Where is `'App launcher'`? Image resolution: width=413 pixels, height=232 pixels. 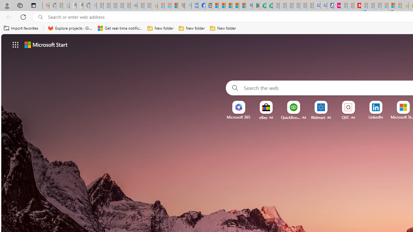
'App launcher' is located at coordinates (15, 44).